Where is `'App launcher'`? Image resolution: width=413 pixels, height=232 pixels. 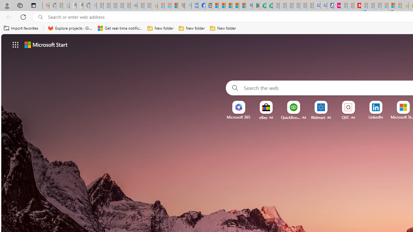
'App launcher' is located at coordinates (15, 44).